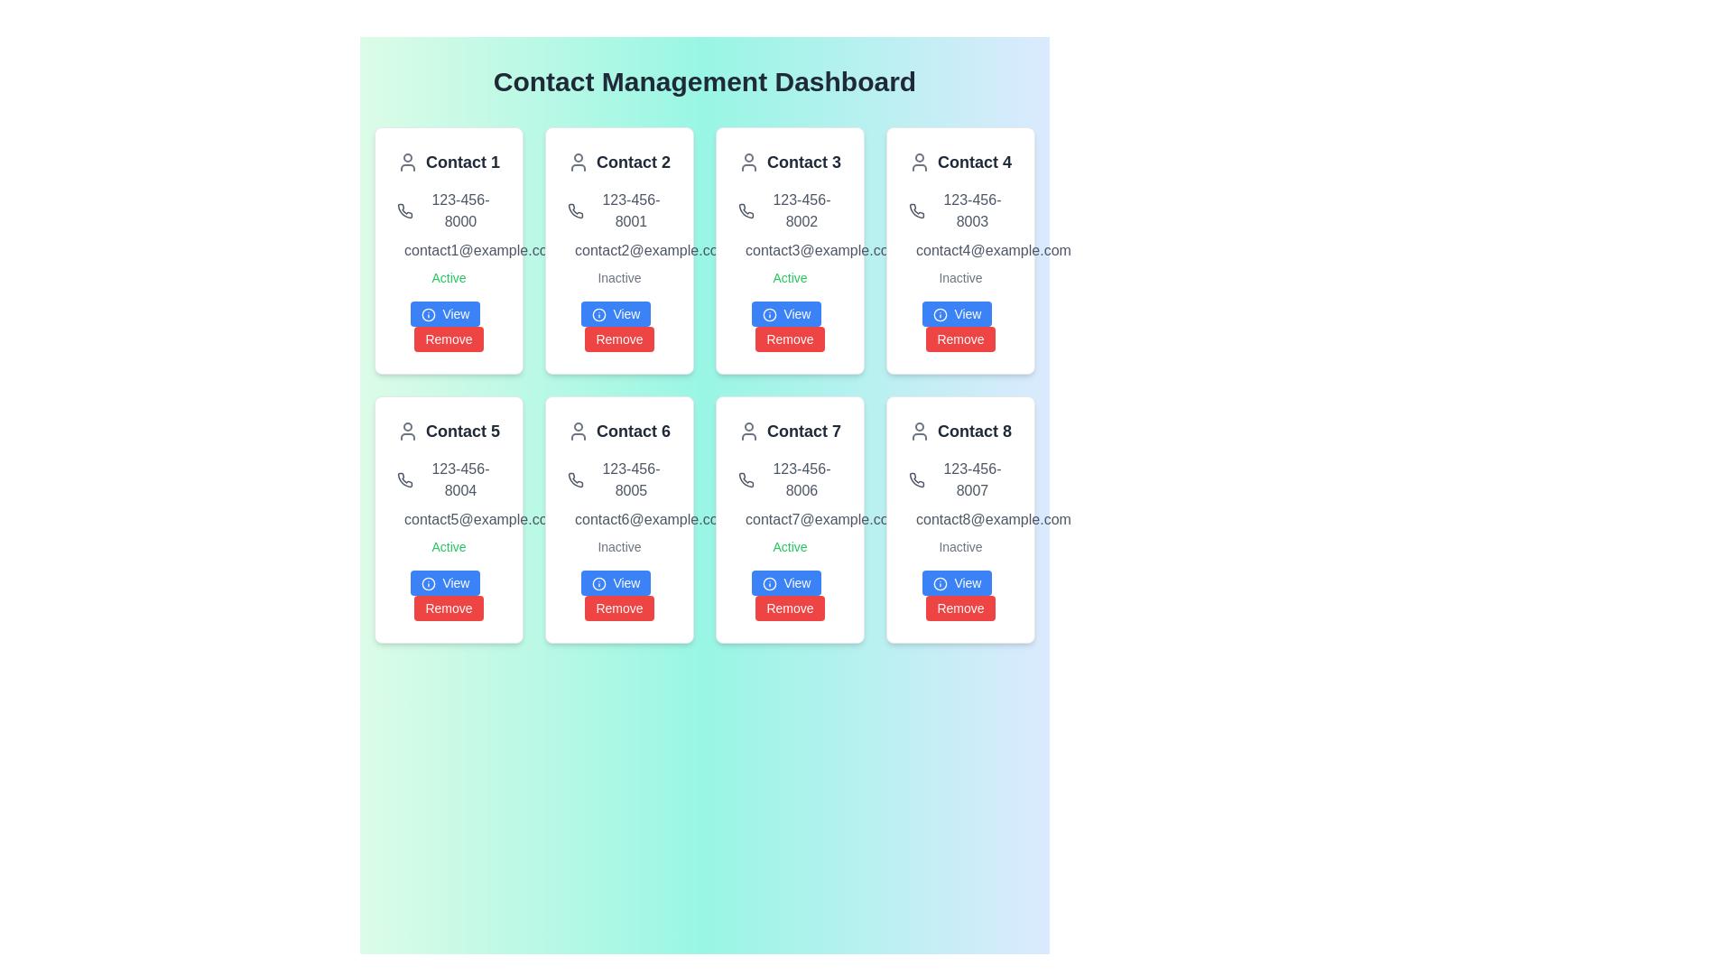  I want to click on the 'View' button, which is a vibrant blue rectangular button with white text and an 'i' icon, located in the sixth contact card of the grid layout, so click(616, 582).